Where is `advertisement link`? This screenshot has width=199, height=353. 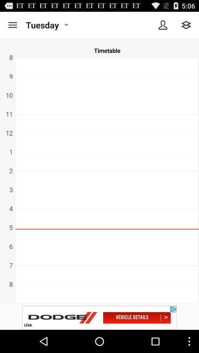 advertisement link is located at coordinates (99, 317).